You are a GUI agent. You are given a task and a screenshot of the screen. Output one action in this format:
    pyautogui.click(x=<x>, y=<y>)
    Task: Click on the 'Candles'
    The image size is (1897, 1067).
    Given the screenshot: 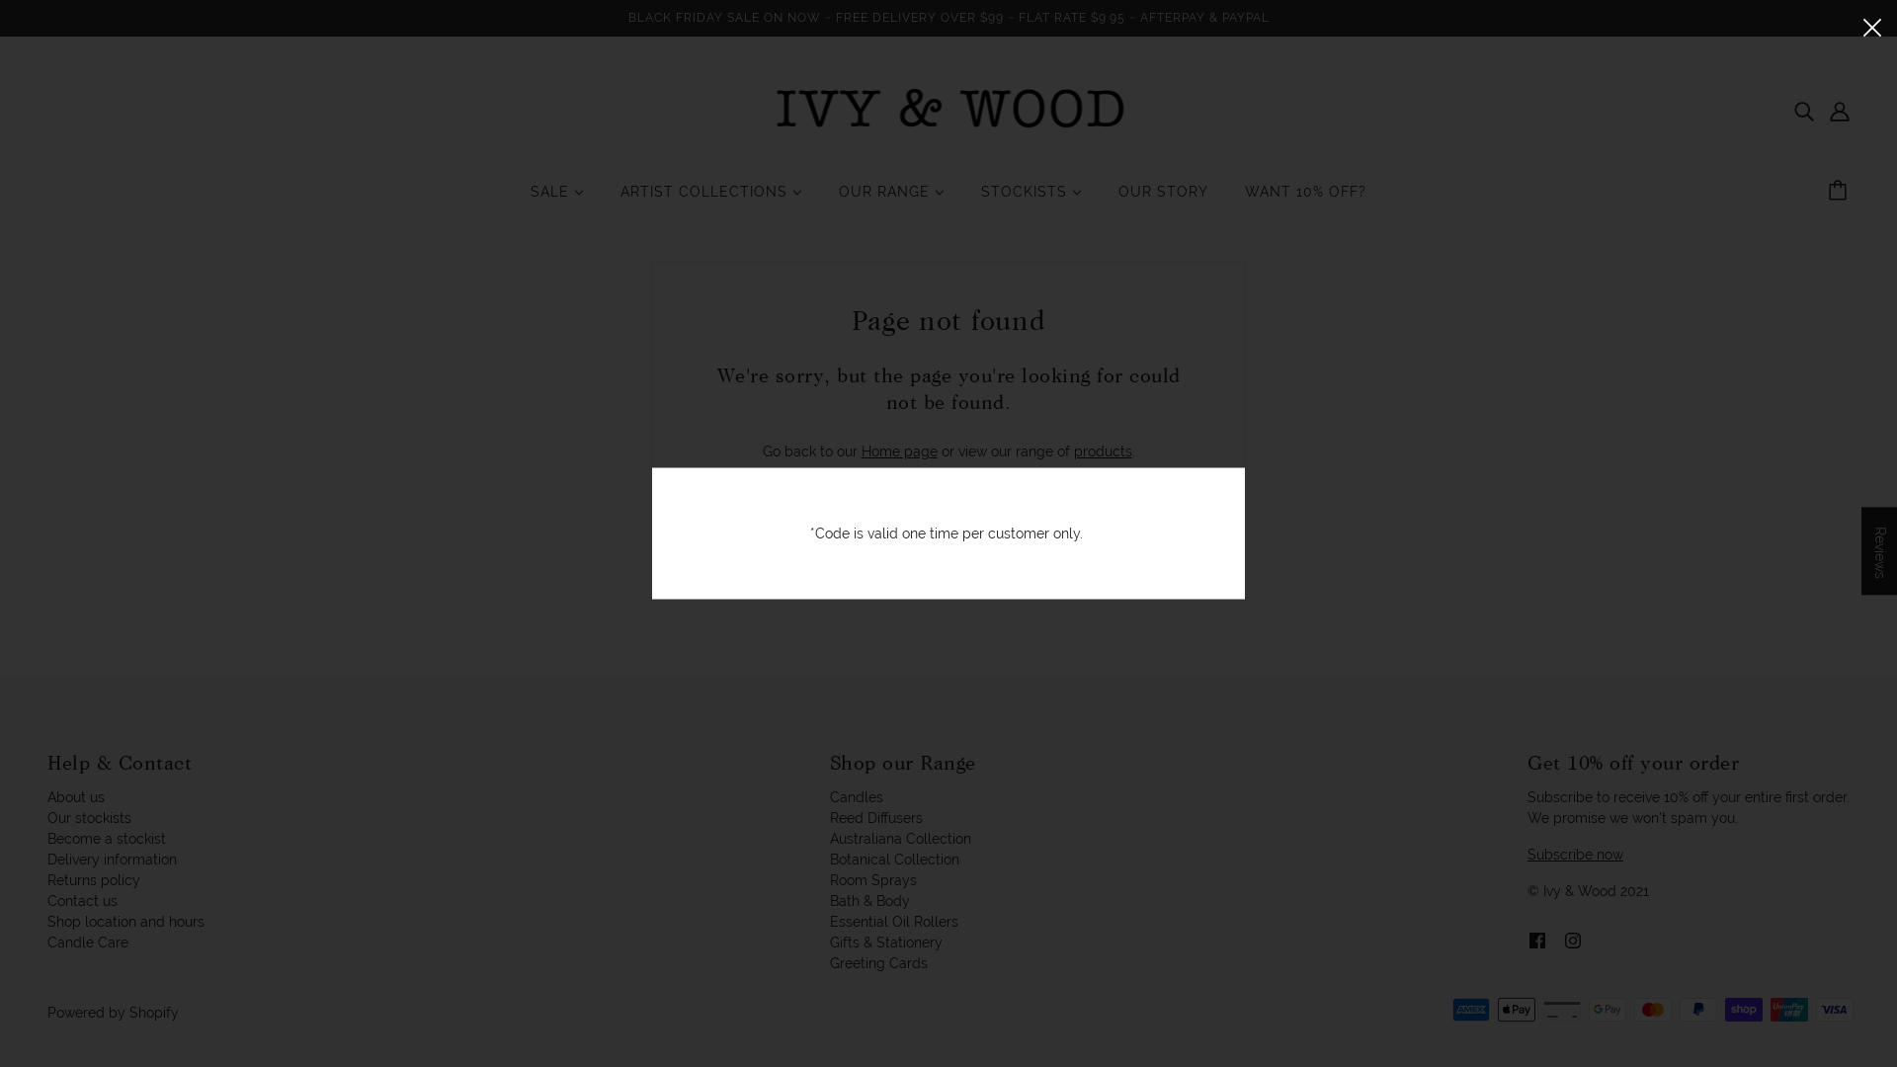 What is the action you would take?
    pyautogui.click(x=857, y=795)
    